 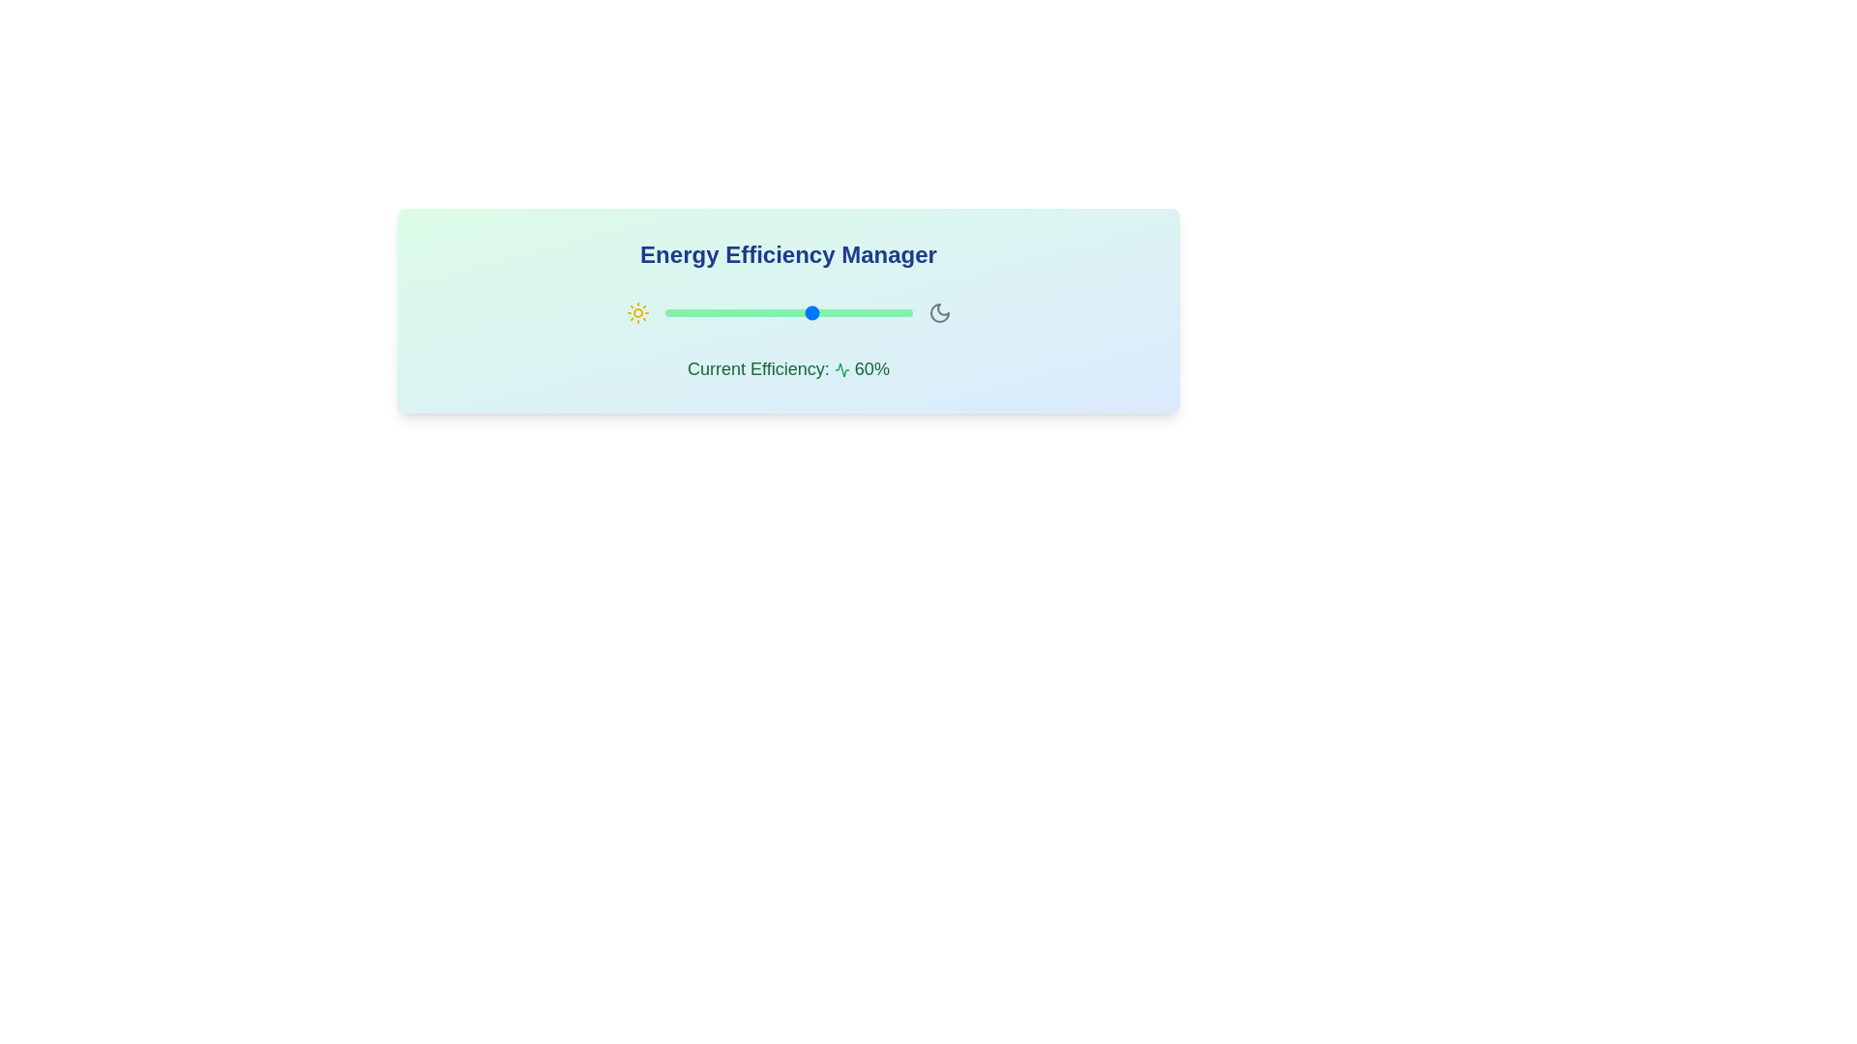 What do you see at coordinates (637, 312) in the screenshot?
I see `the Sun icon in the Energy Efficiency Manager component` at bounding box center [637, 312].